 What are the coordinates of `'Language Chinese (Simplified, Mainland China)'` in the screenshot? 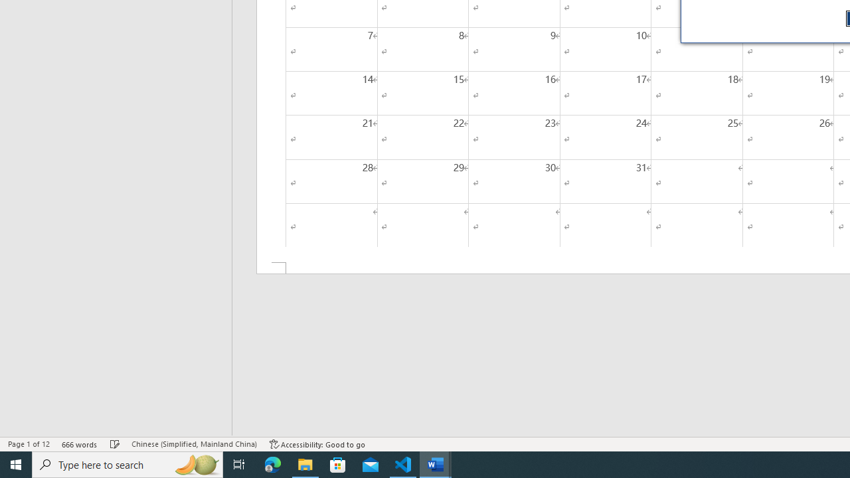 It's located at (193, 444).